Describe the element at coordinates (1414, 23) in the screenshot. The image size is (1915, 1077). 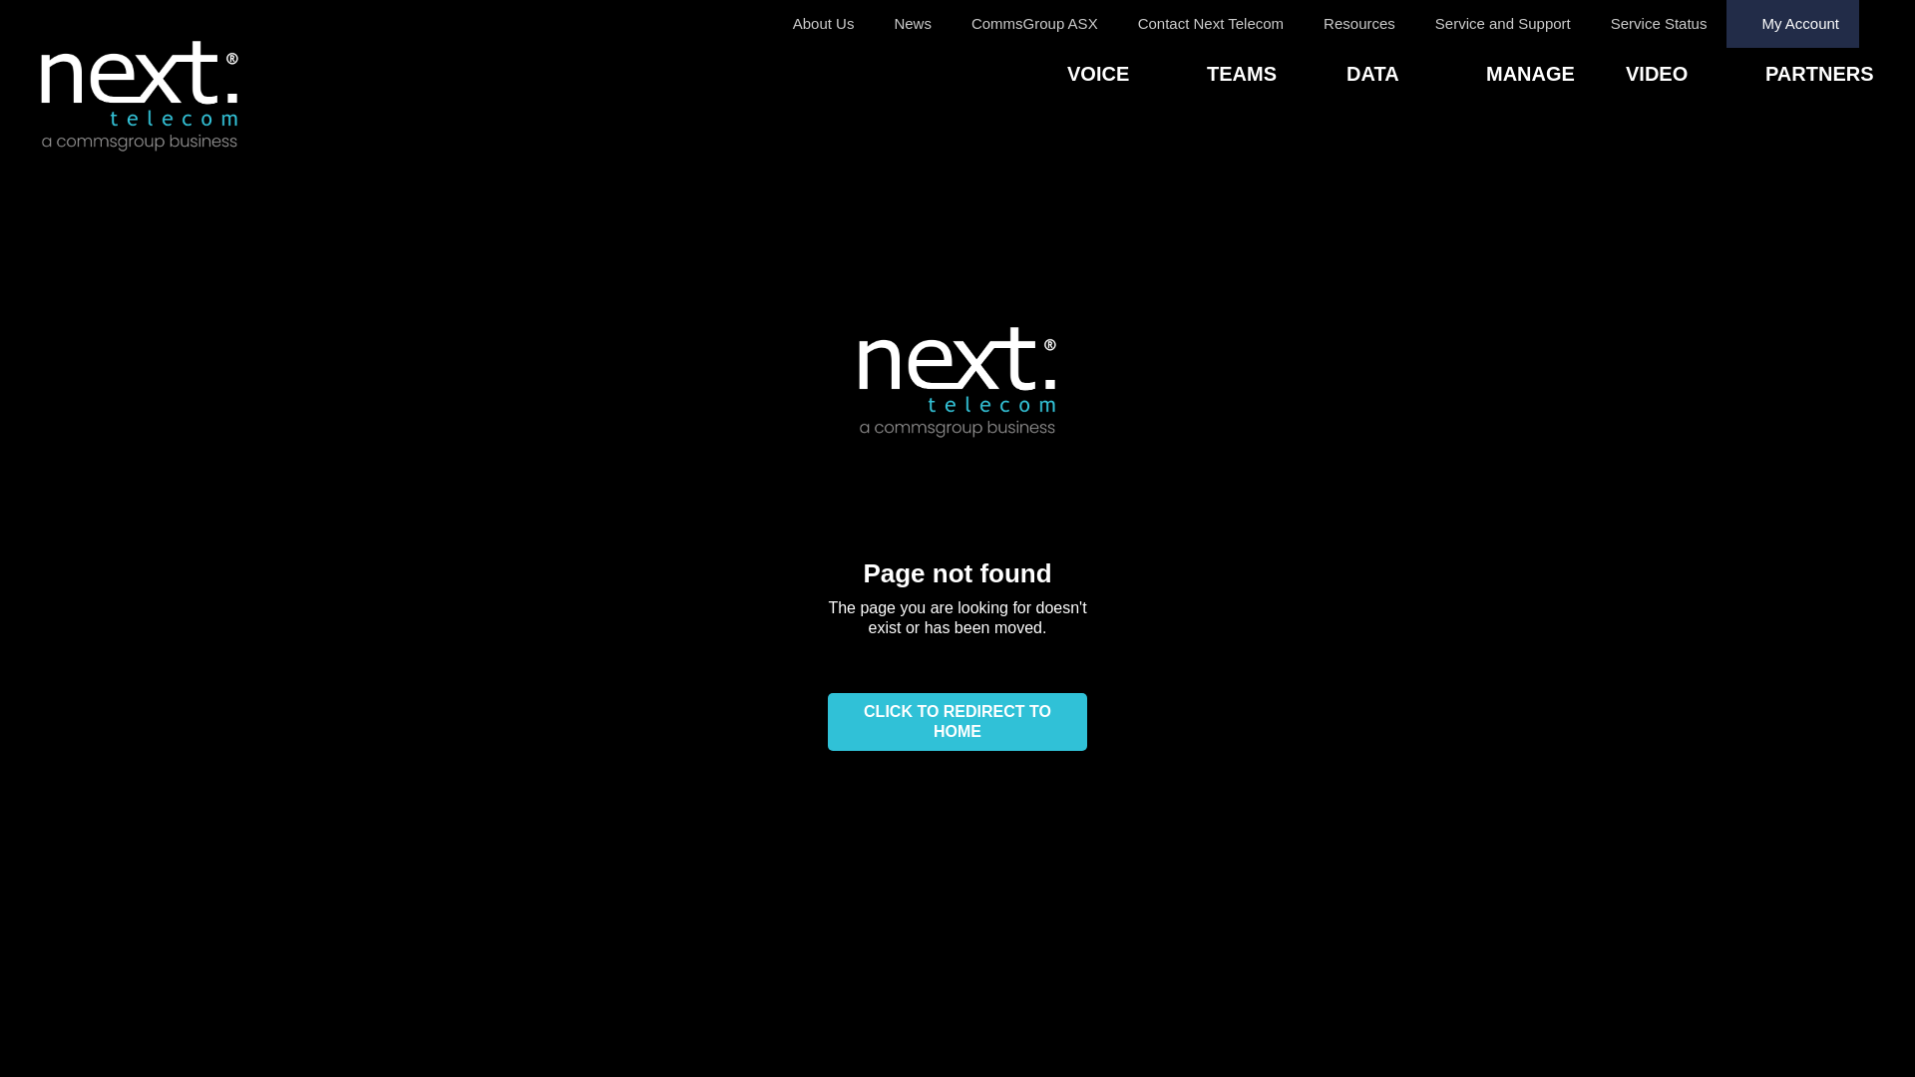
I see `'Service and Support'` at that location.